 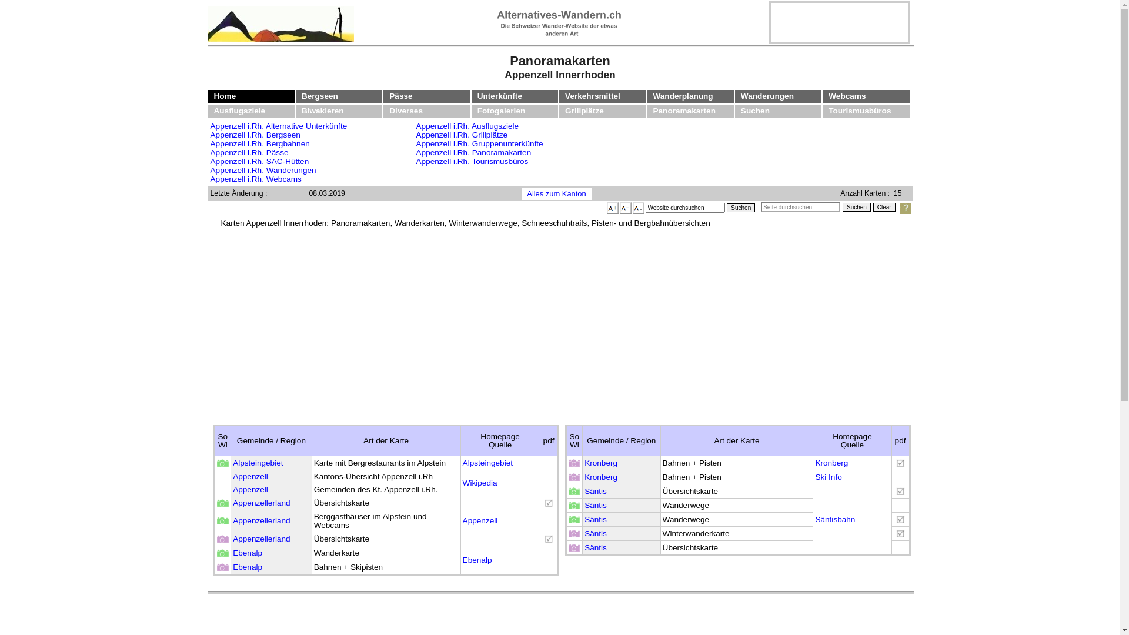 What do you see at coordinates (247, 566) in the screenshot?
I see `'Ebenalp'` at bounding box center [247, 566].